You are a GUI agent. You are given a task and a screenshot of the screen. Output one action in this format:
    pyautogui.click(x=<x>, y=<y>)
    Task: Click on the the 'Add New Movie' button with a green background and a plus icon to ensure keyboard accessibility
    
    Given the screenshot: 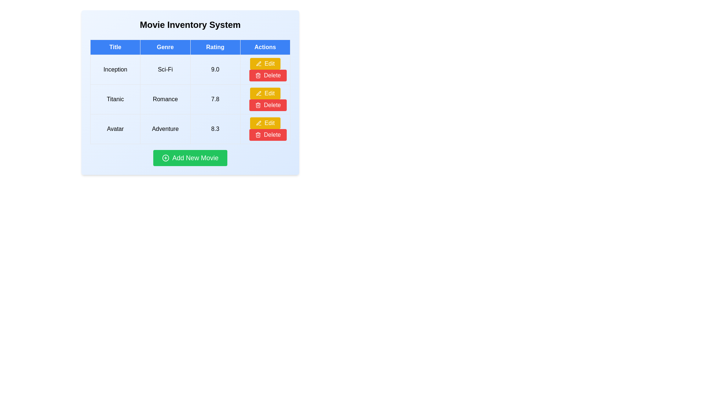 What is the action you would take?
    pyautogui.click(x=190, y=158)
    